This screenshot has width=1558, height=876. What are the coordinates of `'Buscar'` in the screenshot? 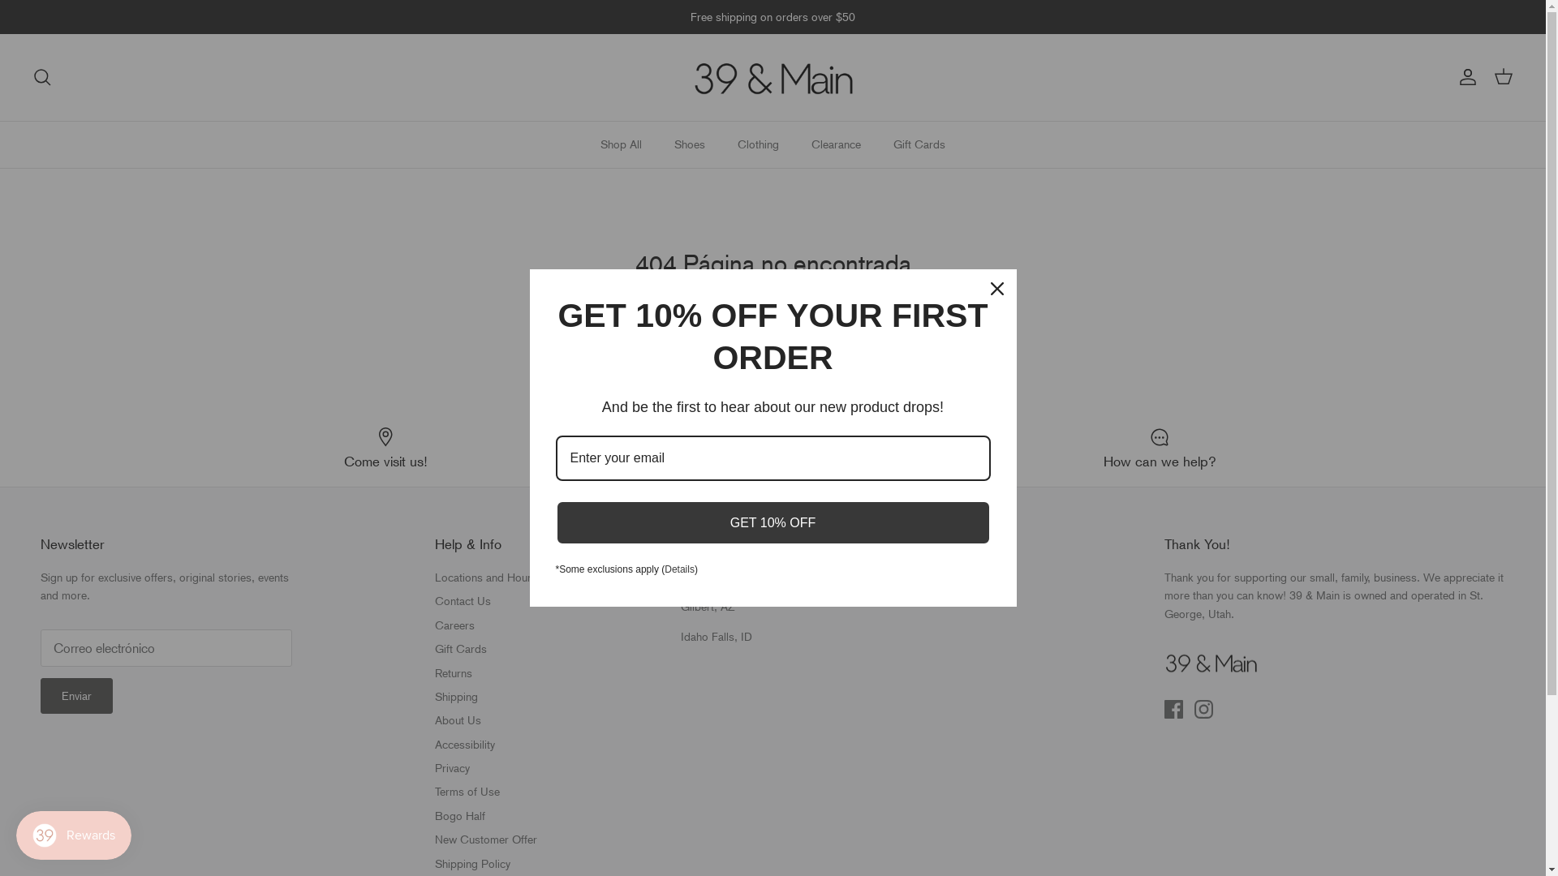 It's located at (42, 77).